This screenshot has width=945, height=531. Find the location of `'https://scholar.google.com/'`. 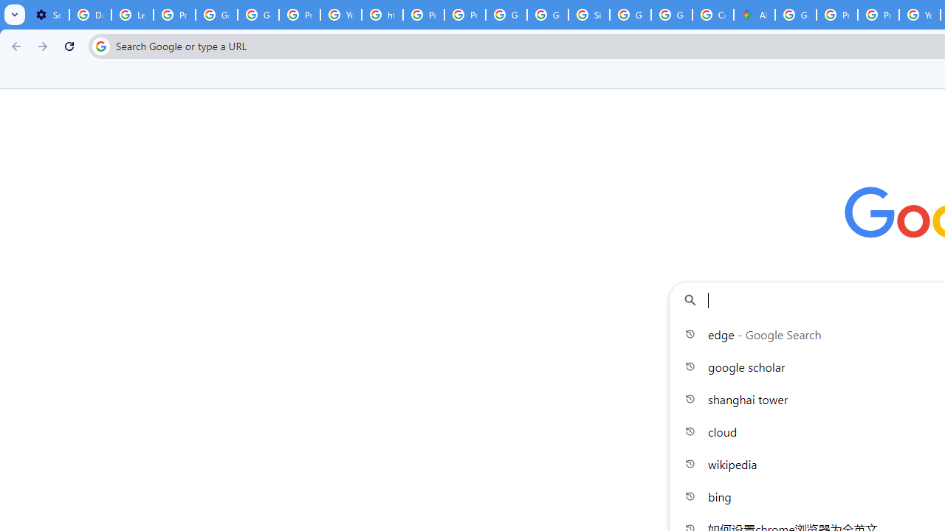

'https://scholar.google.com/' is located at coordinates (382, 15).